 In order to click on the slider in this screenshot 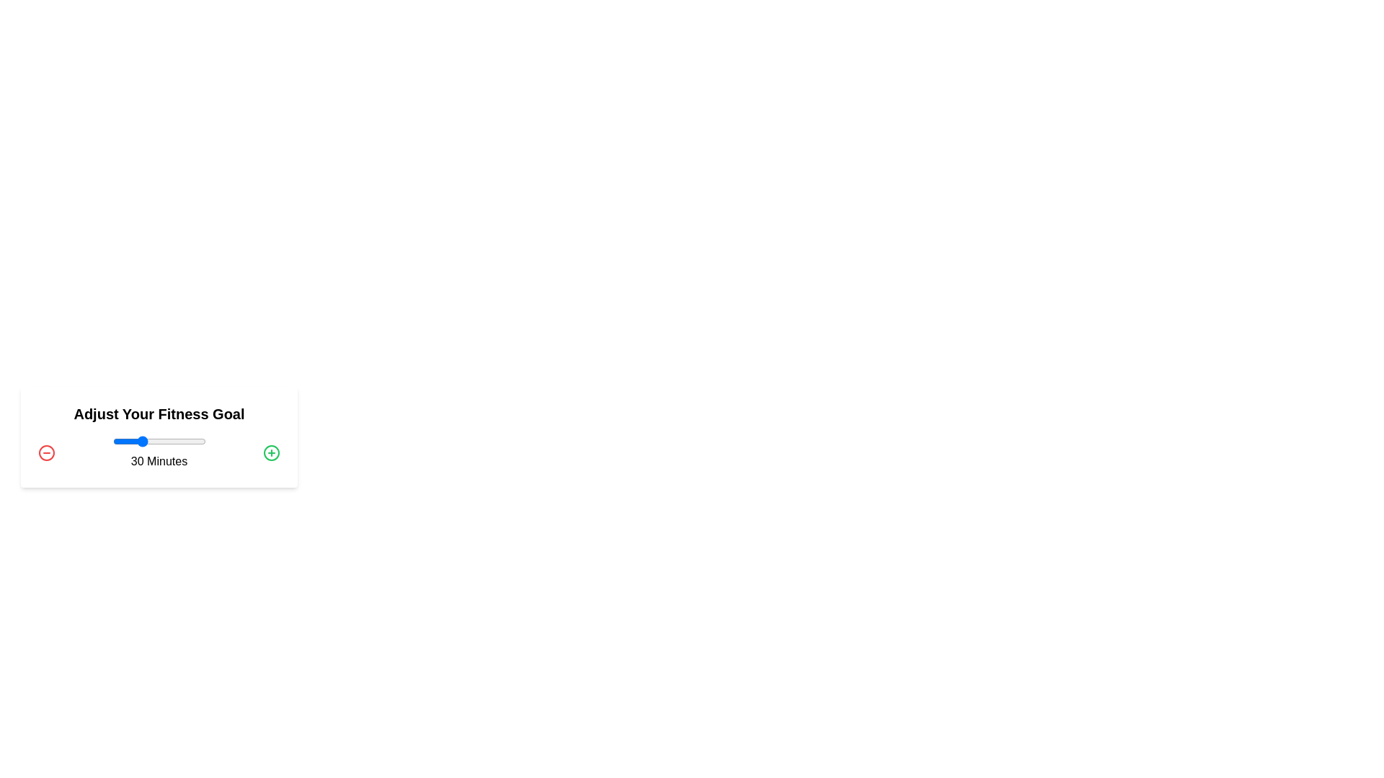, I will do `click(190, 441)`.